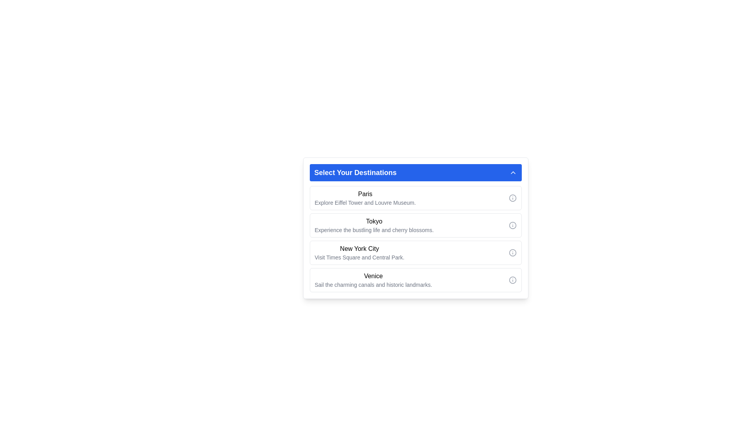 The width and height of the screenshot is (751, 422). What do you see at coordinates (365, 194) in the screenshot?
I see `the 'Paris' label text element styled in medium font weight, located in the first option of the vertical list under 'Select Your Destinations'` at bounding box center [365, 194].